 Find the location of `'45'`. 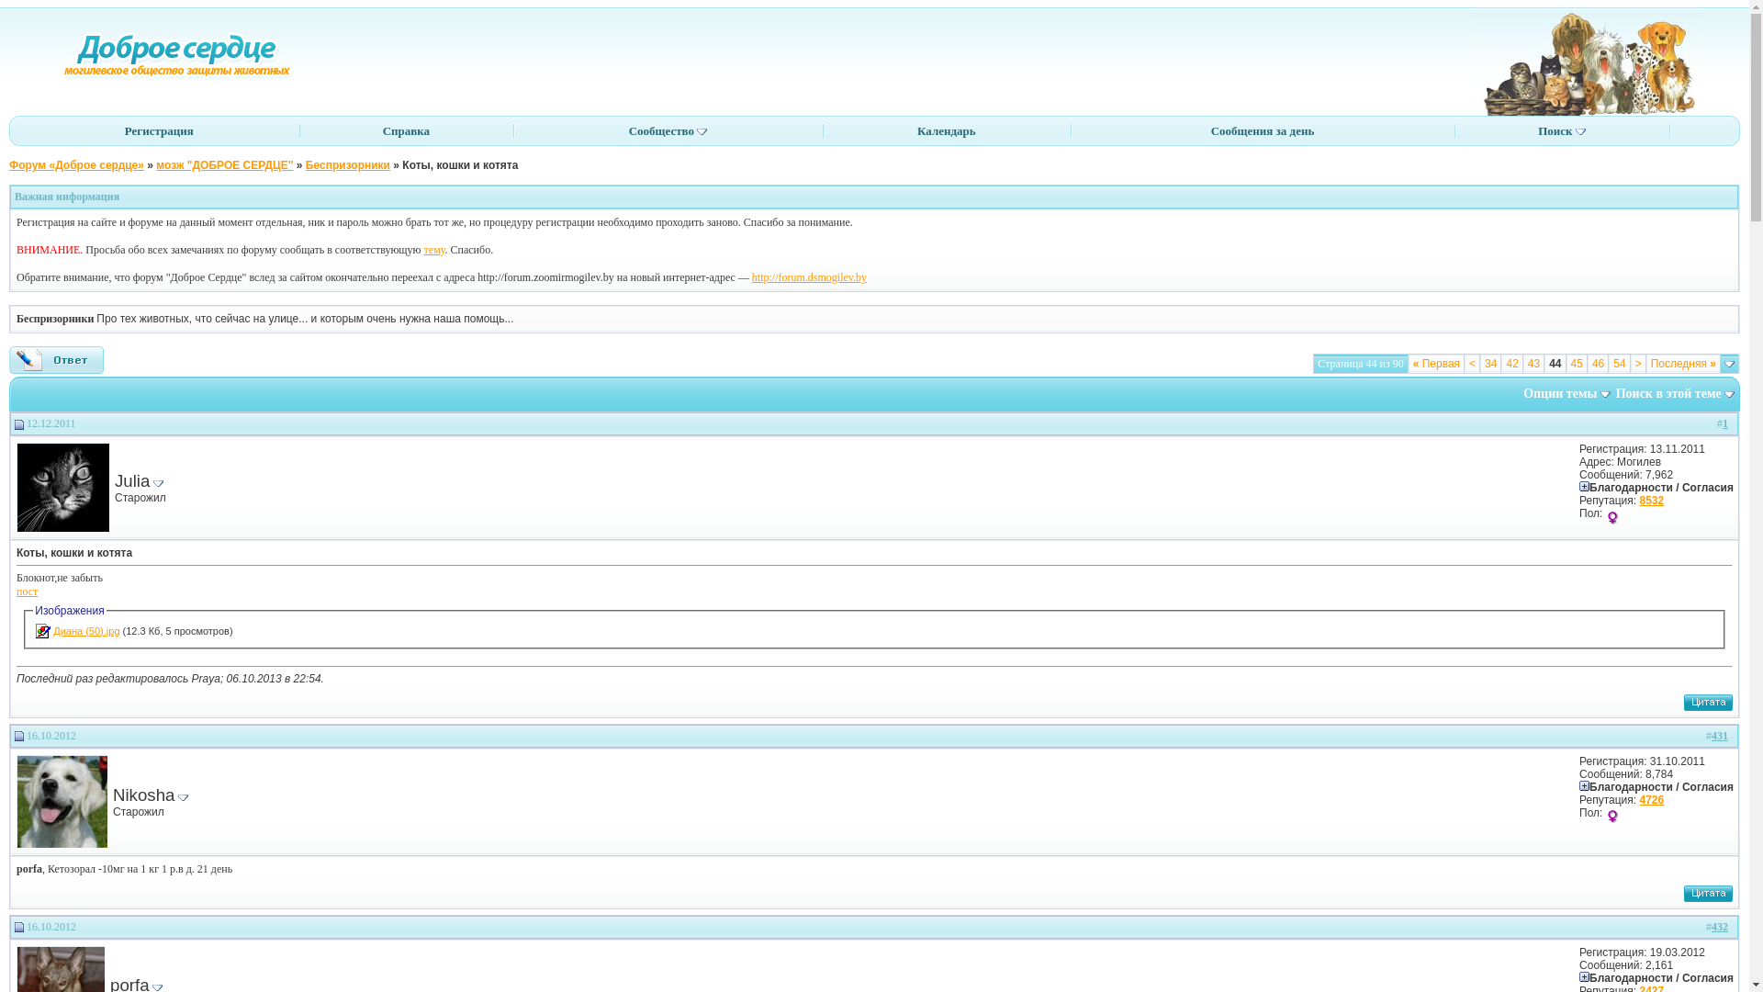

'45' is located at coordinates (1569, 364).